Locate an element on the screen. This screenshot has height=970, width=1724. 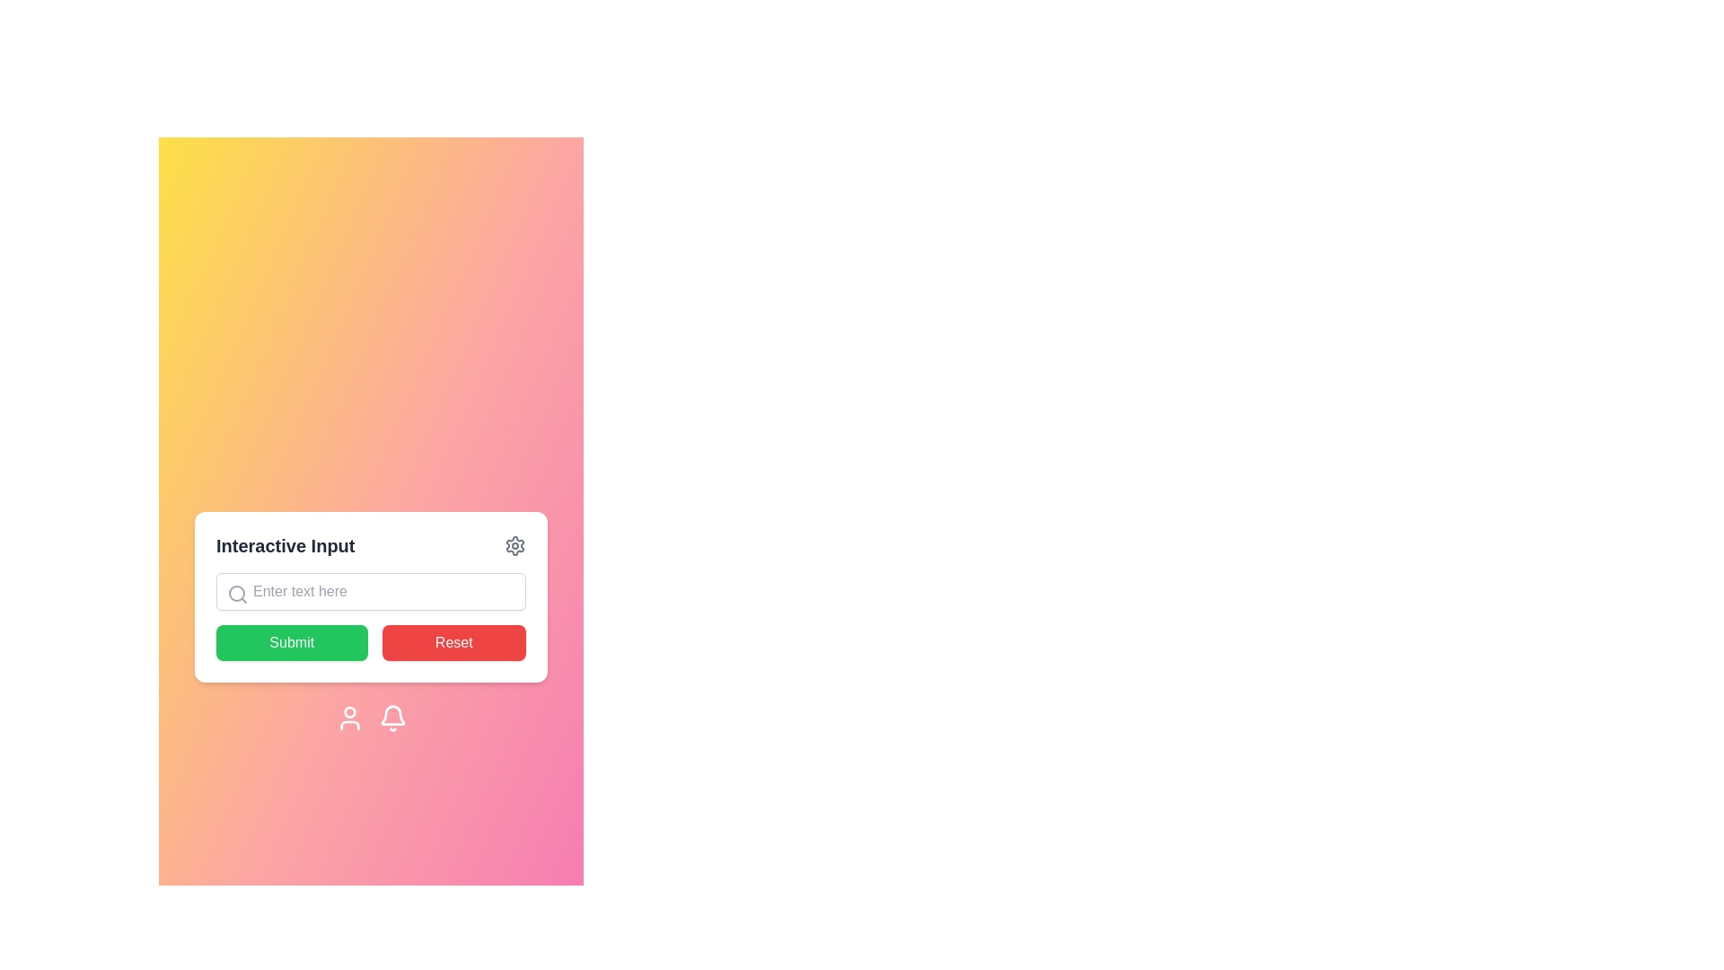
the gear-shaped icon located at the top-right of the white card UI component is located at coordinates (515, 545).